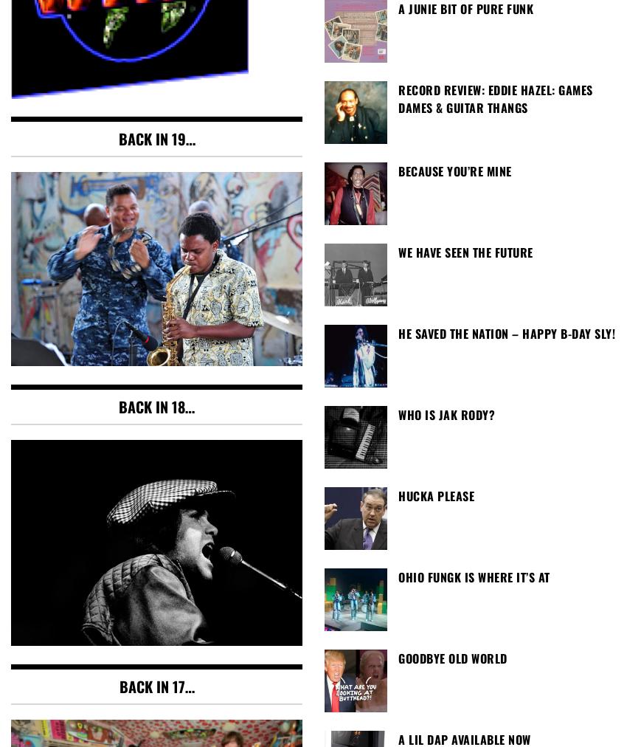  What do you see at coordinates (505, 333) in the screenshot?
I see `'He Saved The Nation – Happy B-Day Sly!'` at bounding box center [505, 333].